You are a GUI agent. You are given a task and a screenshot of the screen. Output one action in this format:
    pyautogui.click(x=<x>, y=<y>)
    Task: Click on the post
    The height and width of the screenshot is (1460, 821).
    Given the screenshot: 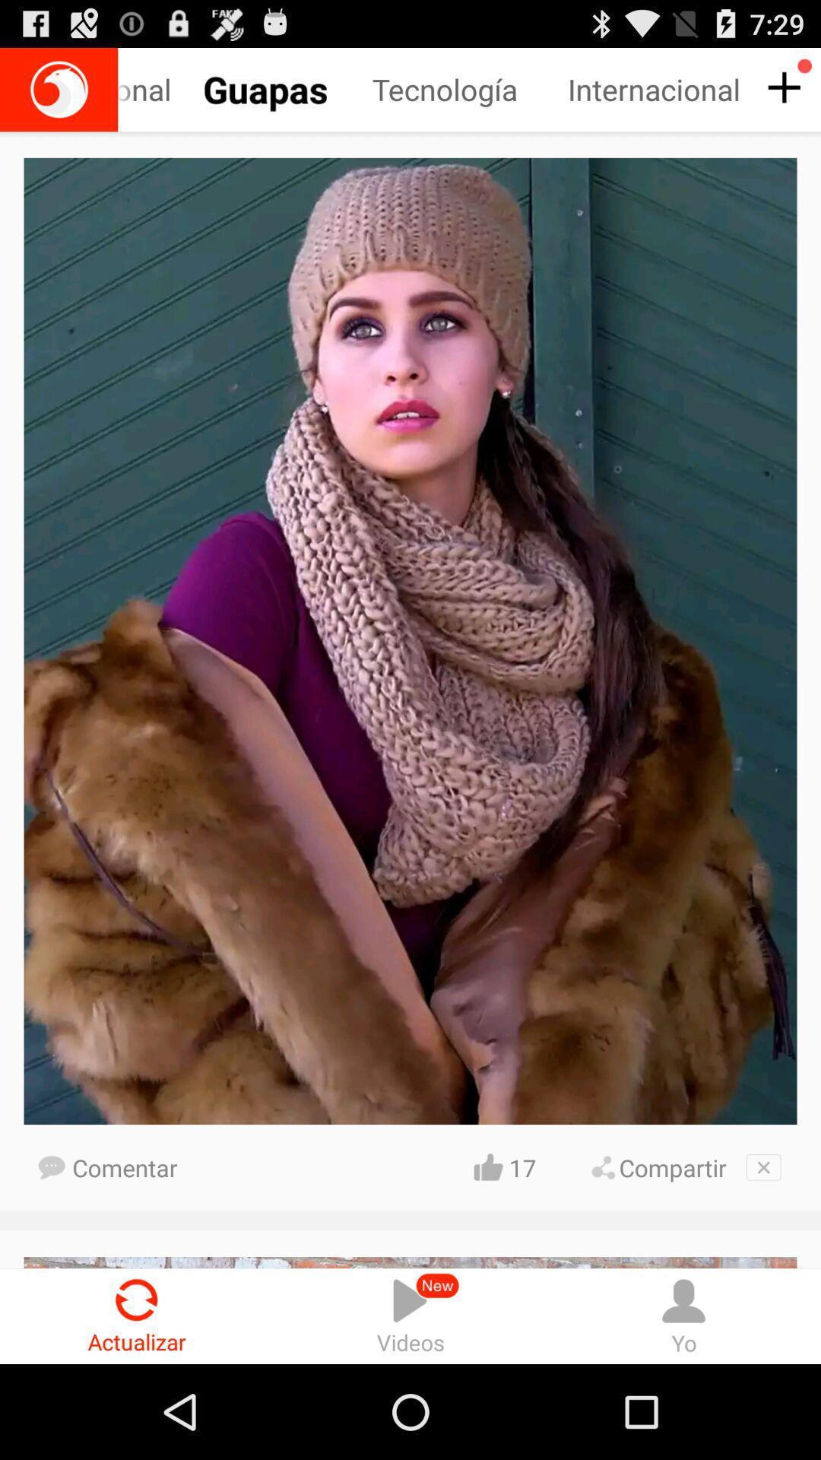 What is the action you would take?
    pyautogui.click(x=781, y=87)
    